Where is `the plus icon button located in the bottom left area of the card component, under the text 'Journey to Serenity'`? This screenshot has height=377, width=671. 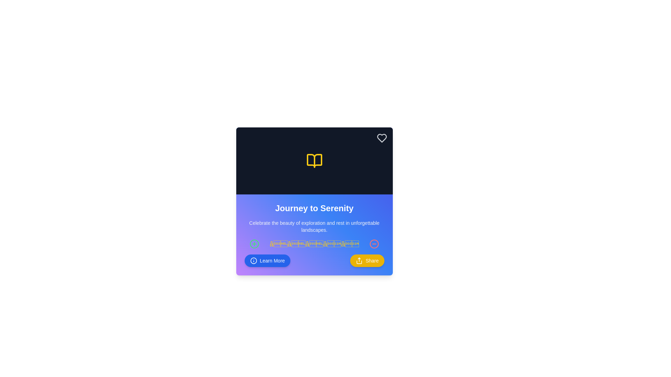
the plus icon button located in the bottom left area of the card component, under the text 'Journey to Serenity' is located at coordinates (254, 243).